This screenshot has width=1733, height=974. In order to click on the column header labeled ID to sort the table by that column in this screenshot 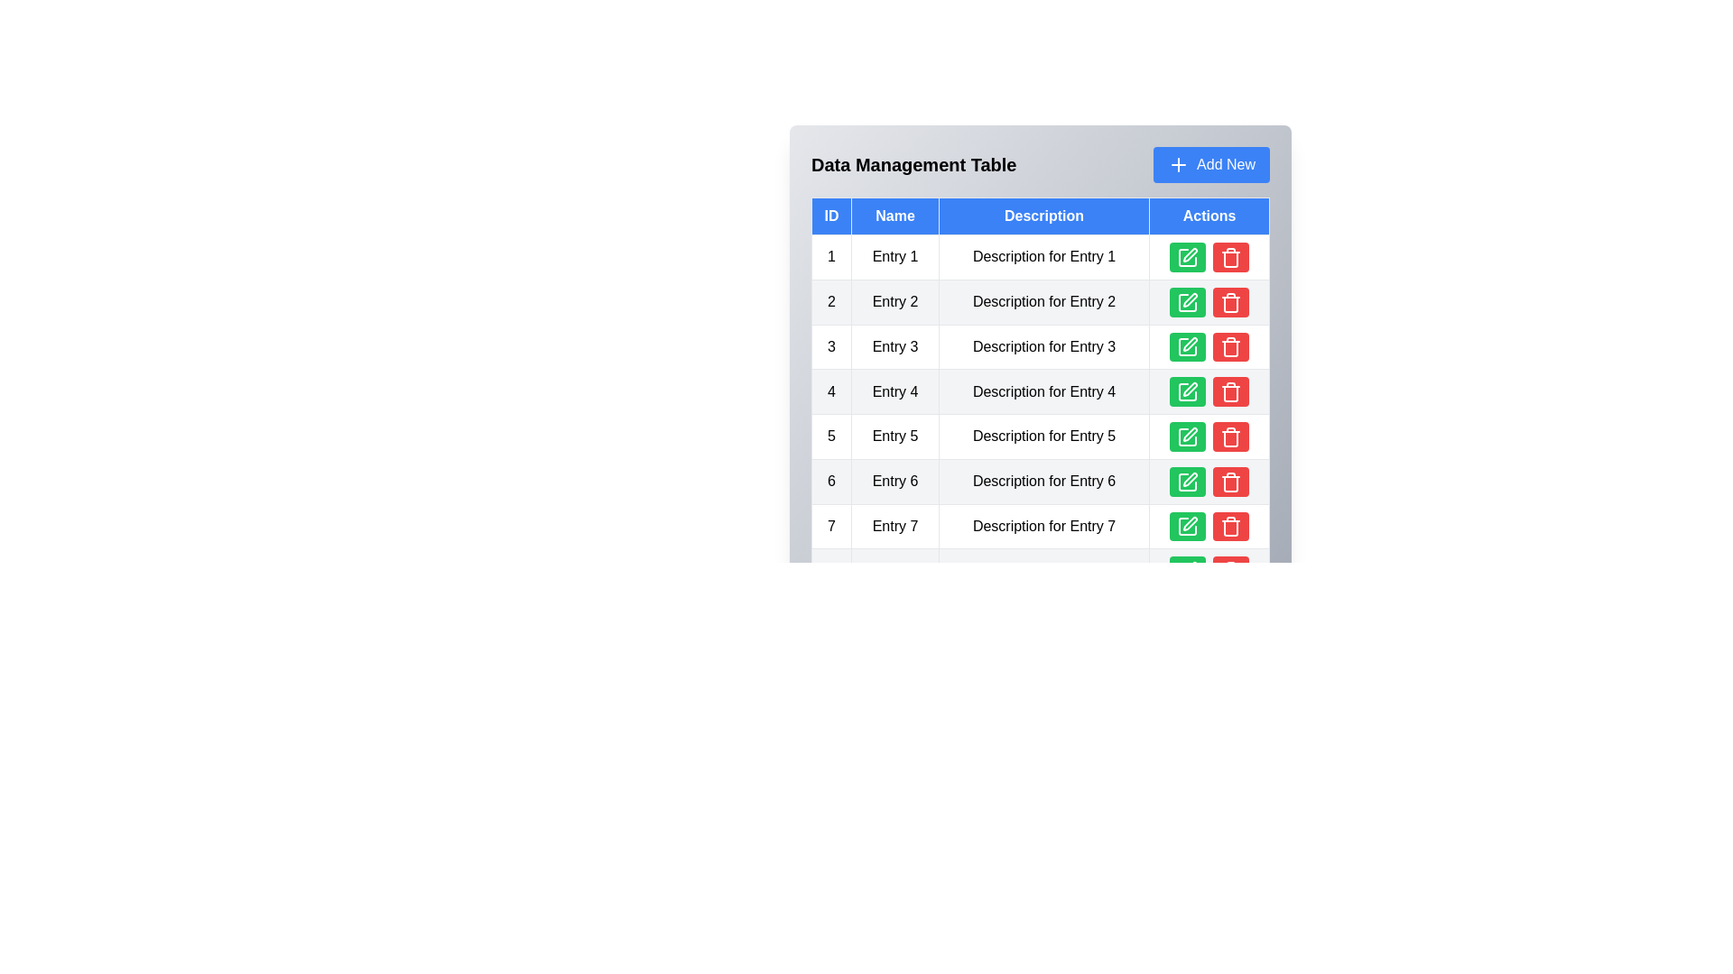, I will do `click(830, 215)`.